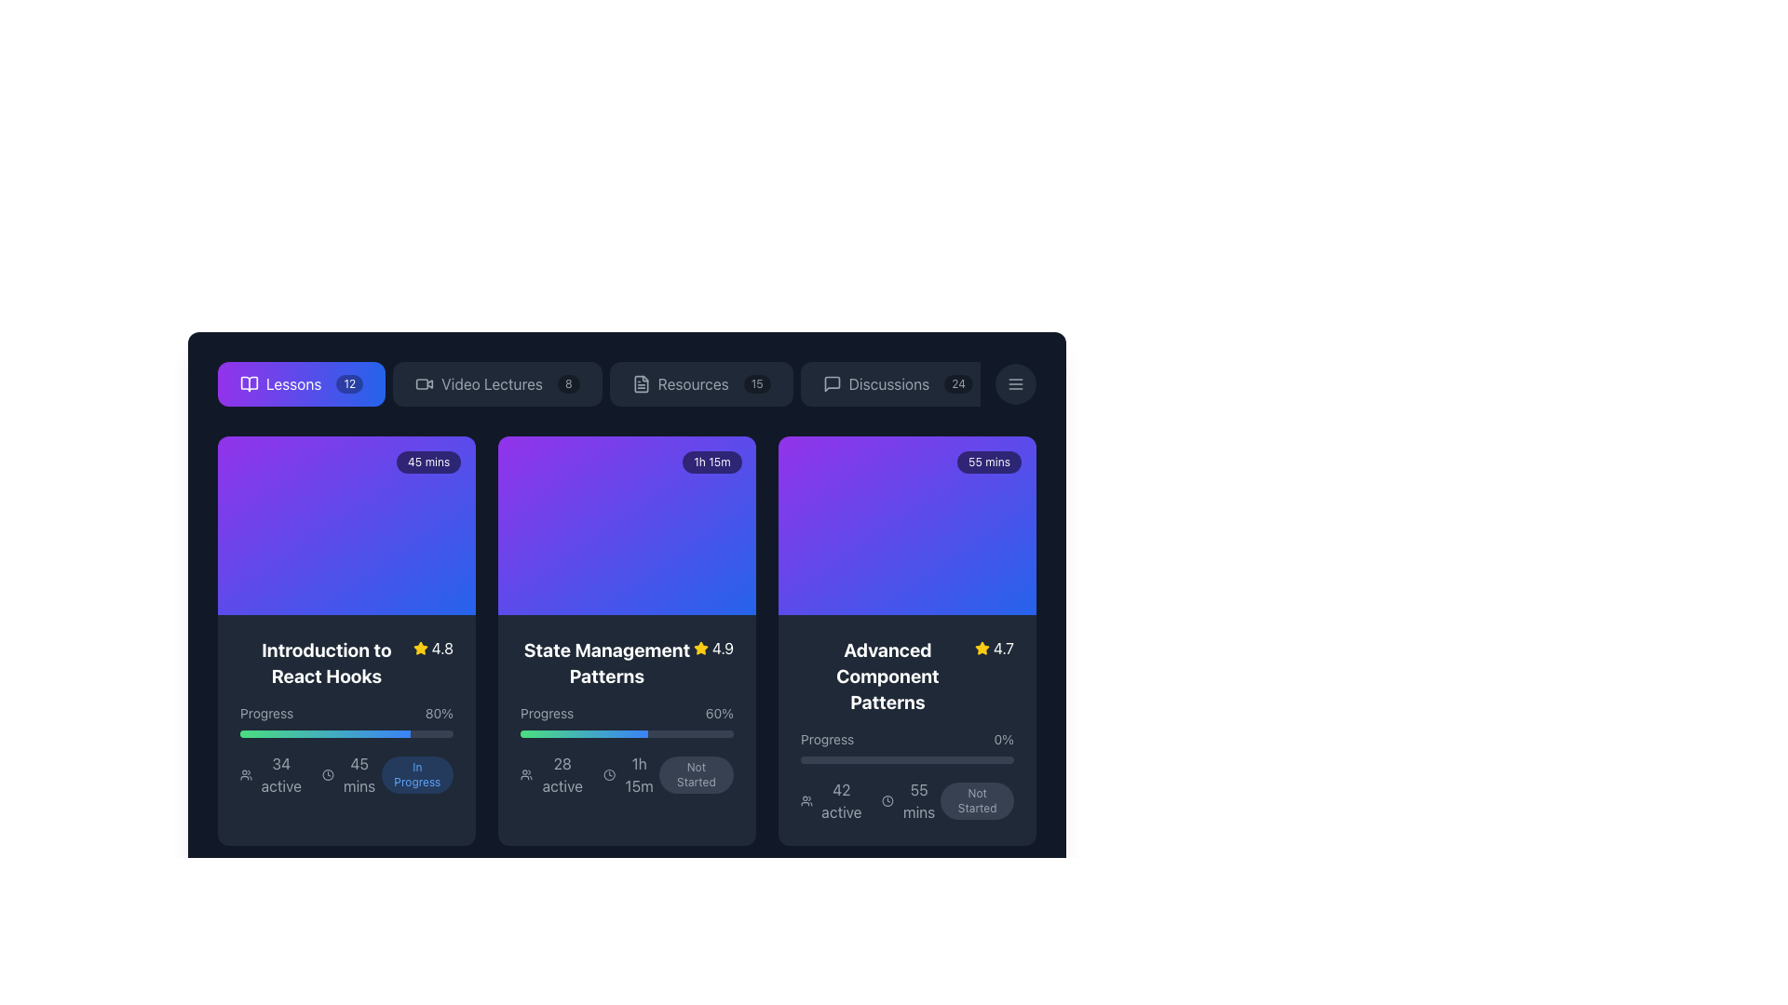 The width and height of the screenshot is (1788, 1005). Describe the element at coordinates (346, 640) in the screenshot. I see `the Card component representing the first learning module in the grid layout` at that location.